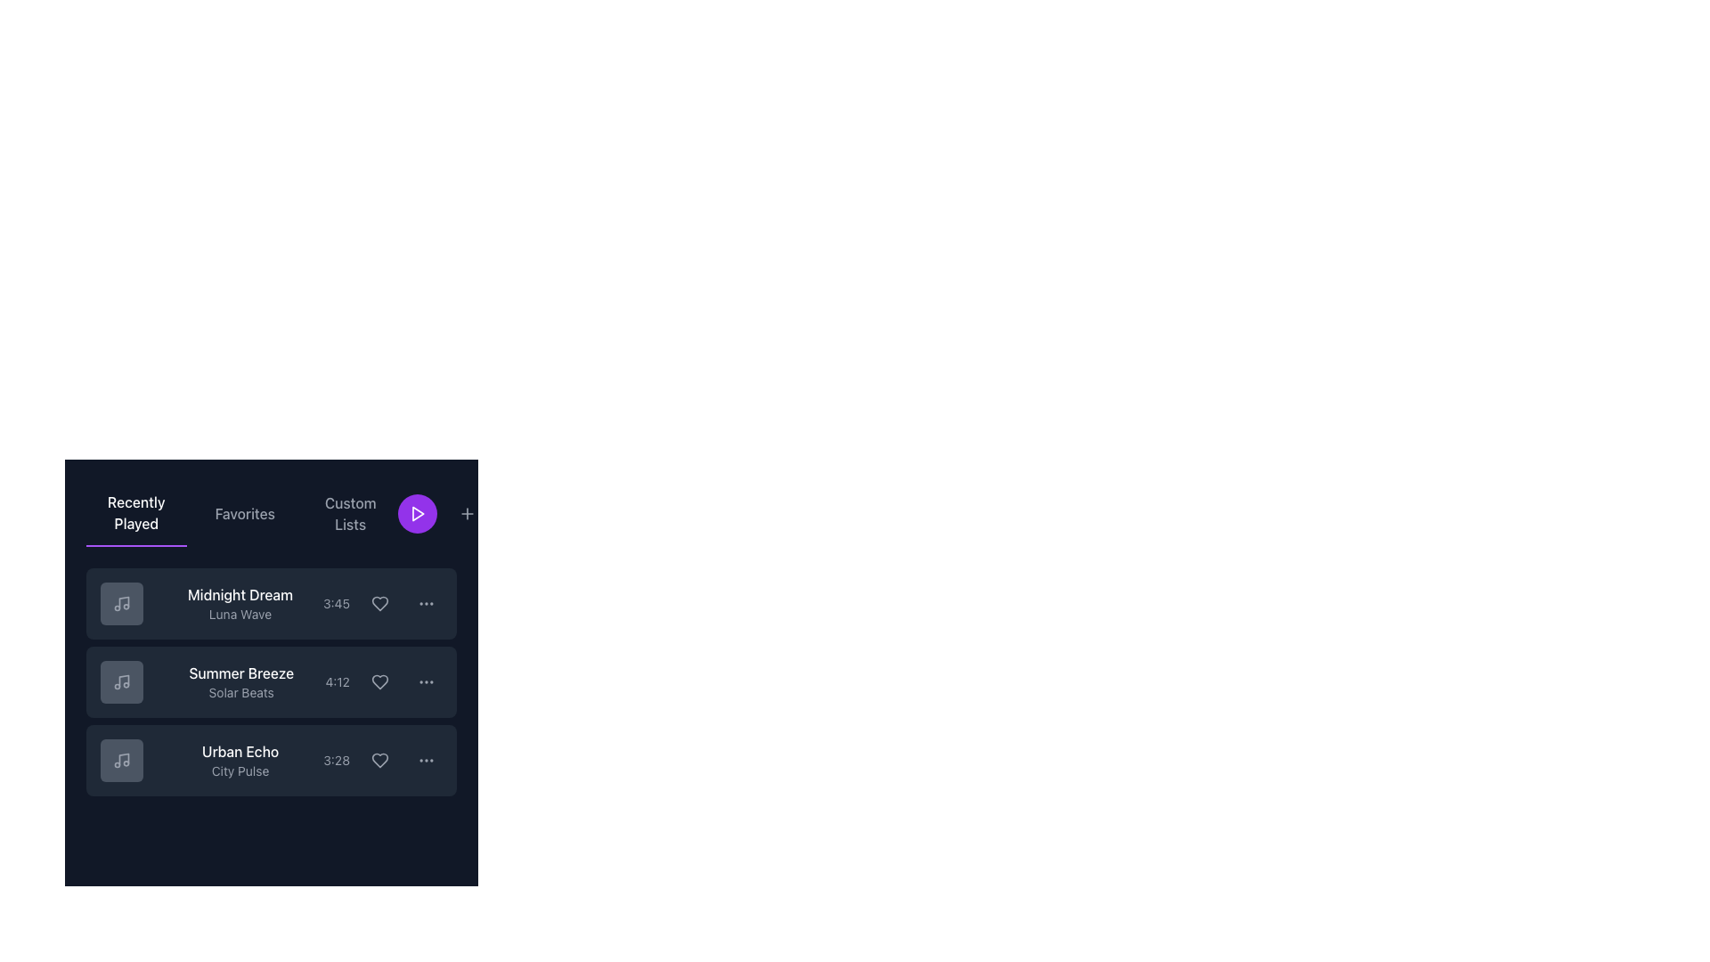  What do you see at coordinates (379, 681) in the screenshot?
I see `the heart-shaped icon button located to the right of the song title 'Summer Breeze' by Solar Beats to change its appearance` at bounding box center [379, 681].